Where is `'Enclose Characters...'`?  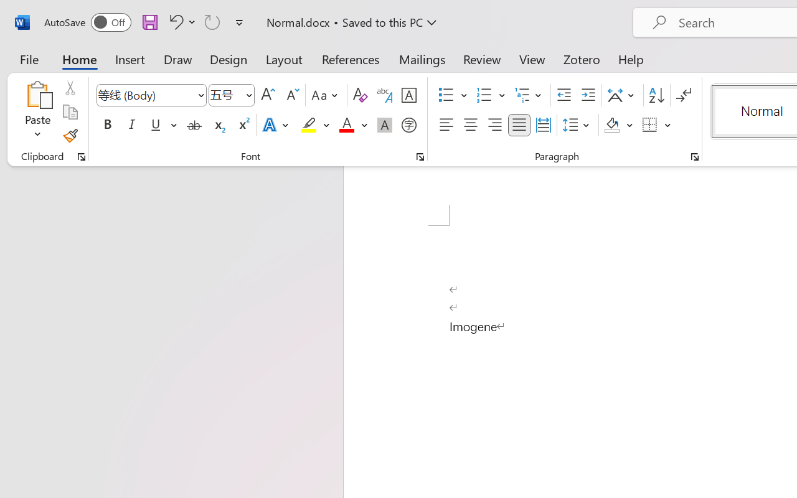 'Enclose Characters...' is located at coordinates (408, 125).